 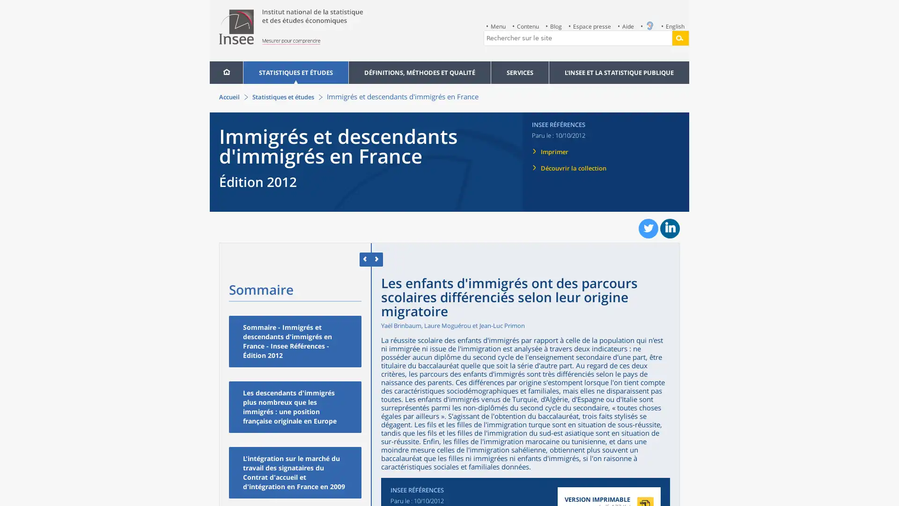 What do you see at coordinates (240, 259) in the screenshot?
I see `SOMMAIRE` at bounding box center [240, 259].